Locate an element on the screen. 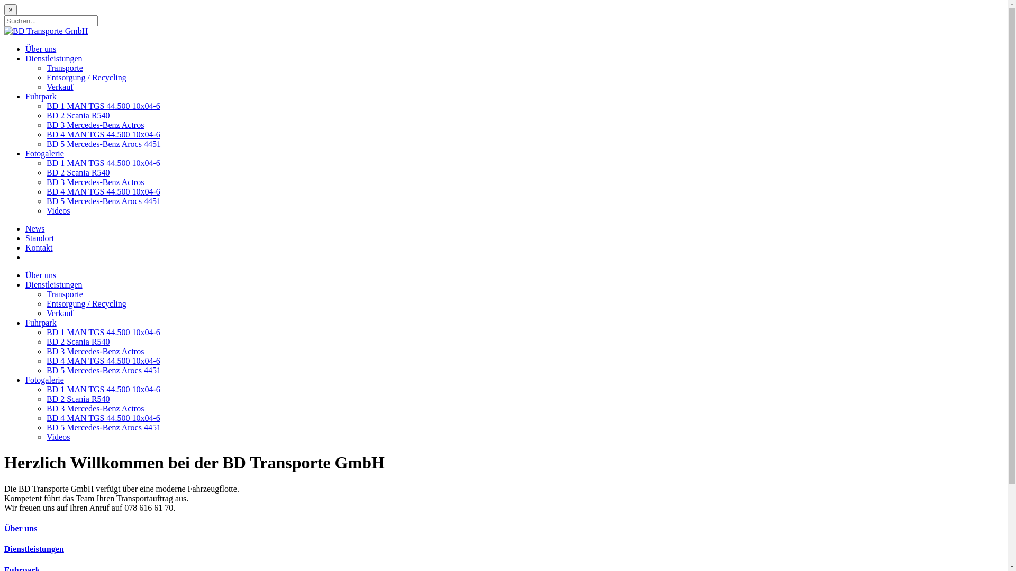 Image resolution: width=1016 pixels, height=571 pixels. 'Entsorgung / Recycling' is located at coordinates (46, 77).